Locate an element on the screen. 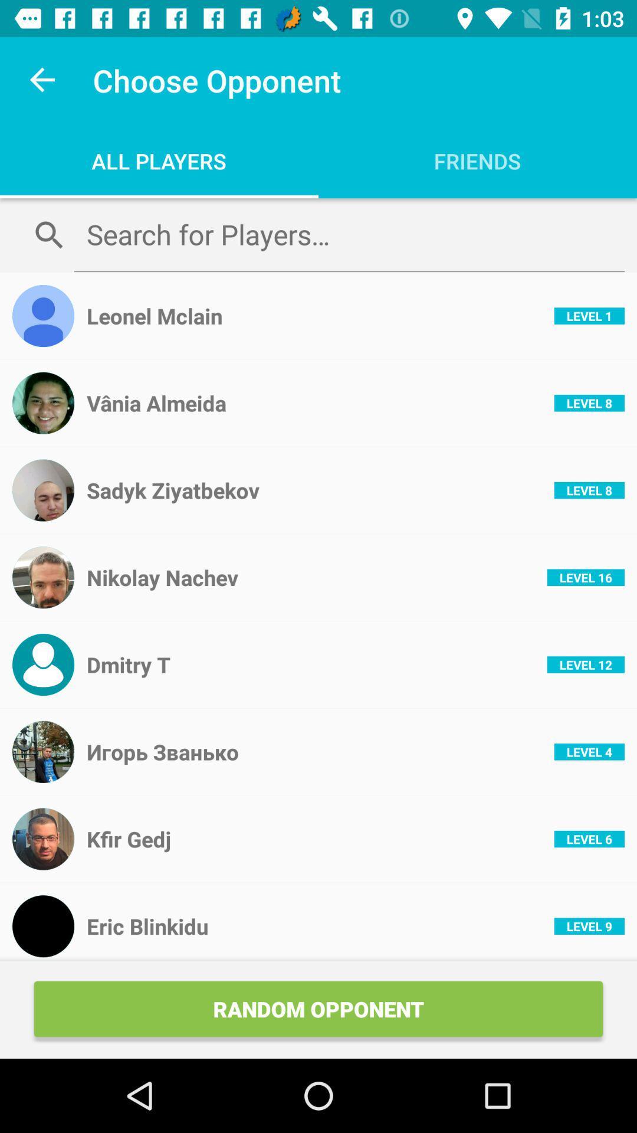 The width and height of the screenshot is (637, 1133). search for active players is located at coordinates (349, 234).